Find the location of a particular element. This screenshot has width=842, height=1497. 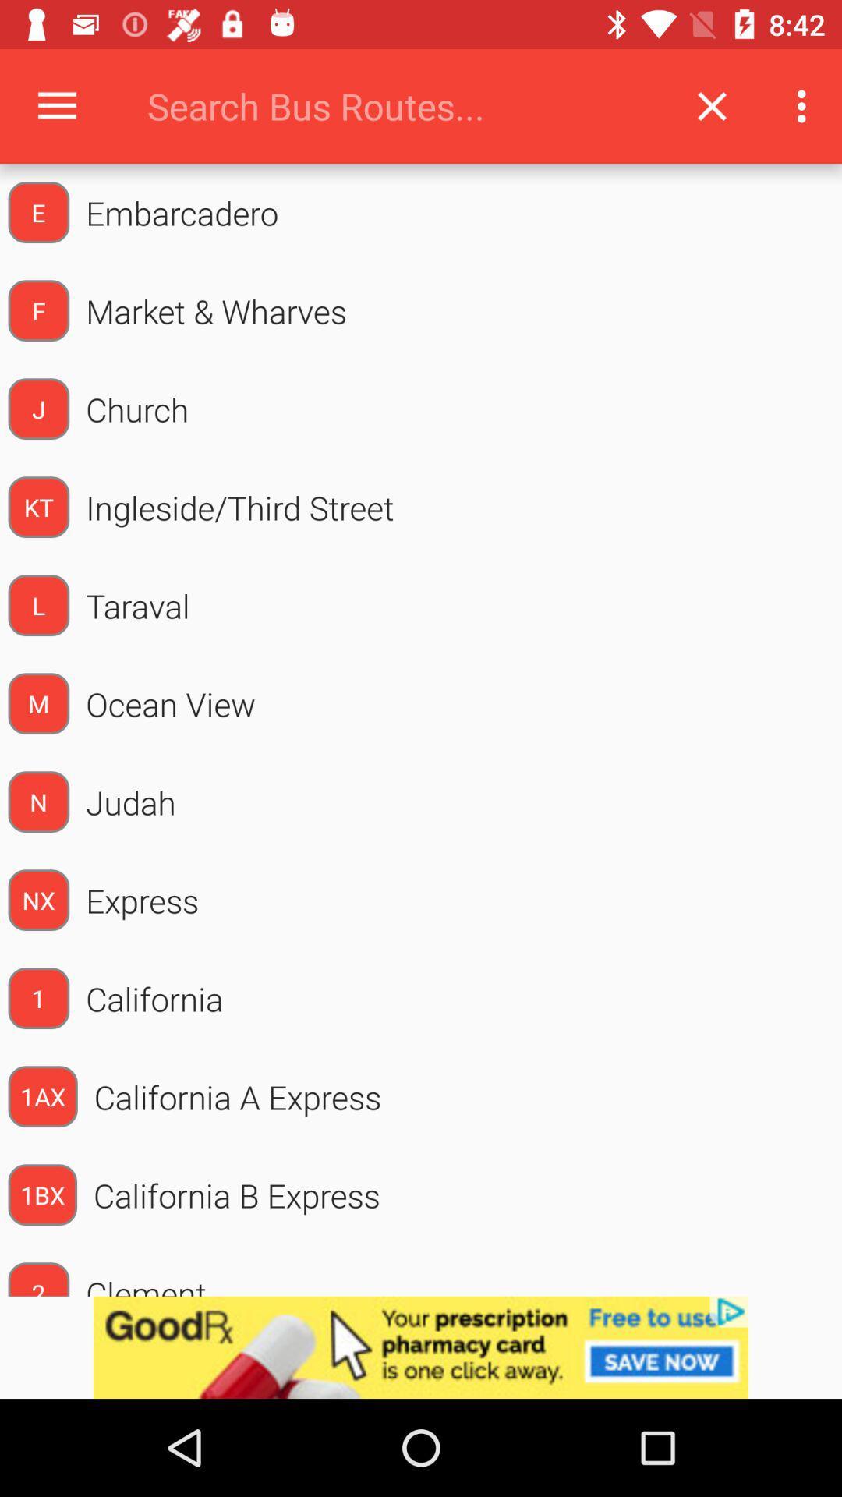

type bus route is located at coordinates (400, 105).